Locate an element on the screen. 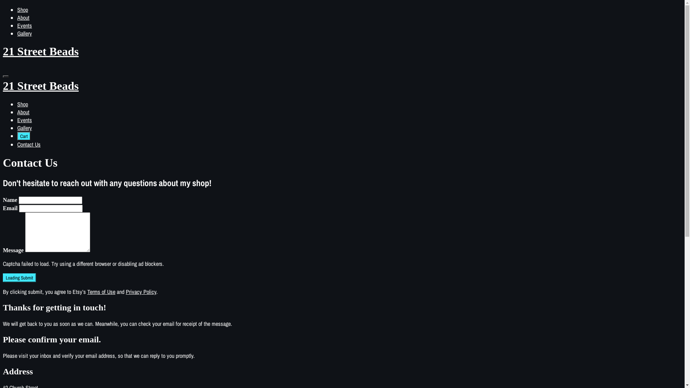 This screenshot has width=690, height=388. 'Privacy Policy' is located at coordinates (141, 292).